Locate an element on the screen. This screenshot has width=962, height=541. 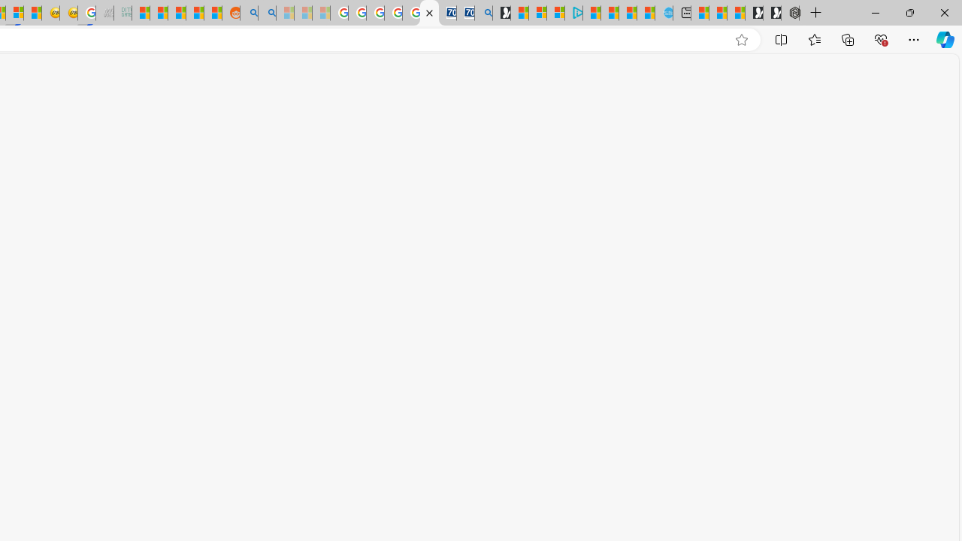
'Nordace - Nordace Siena Is Not An Ordinary Backpack' is located at coordinates (789, 13).